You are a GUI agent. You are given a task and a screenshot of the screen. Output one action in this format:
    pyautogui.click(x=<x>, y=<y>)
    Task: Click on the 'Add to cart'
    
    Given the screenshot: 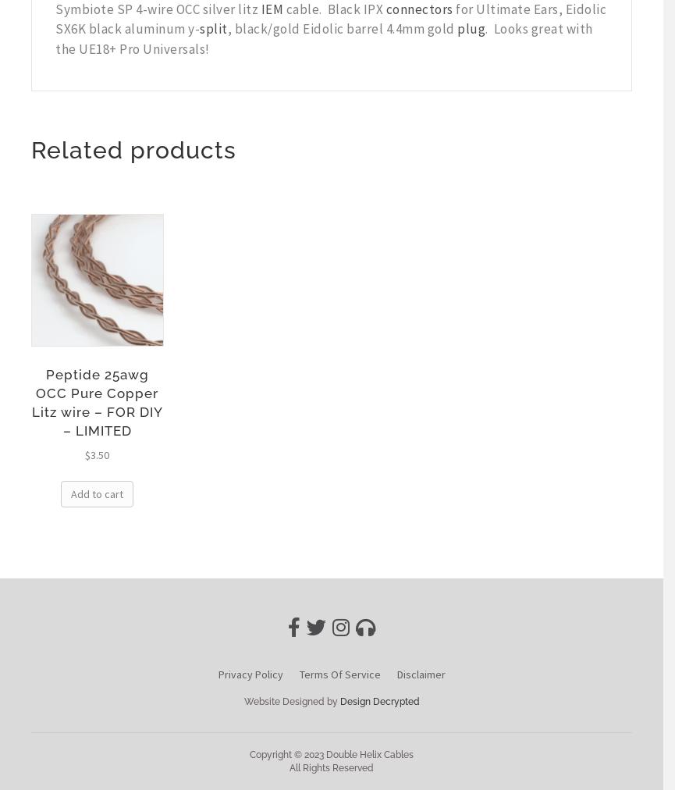 What is the action you would take?
    pyautogui.click(x=70, y=493)
    